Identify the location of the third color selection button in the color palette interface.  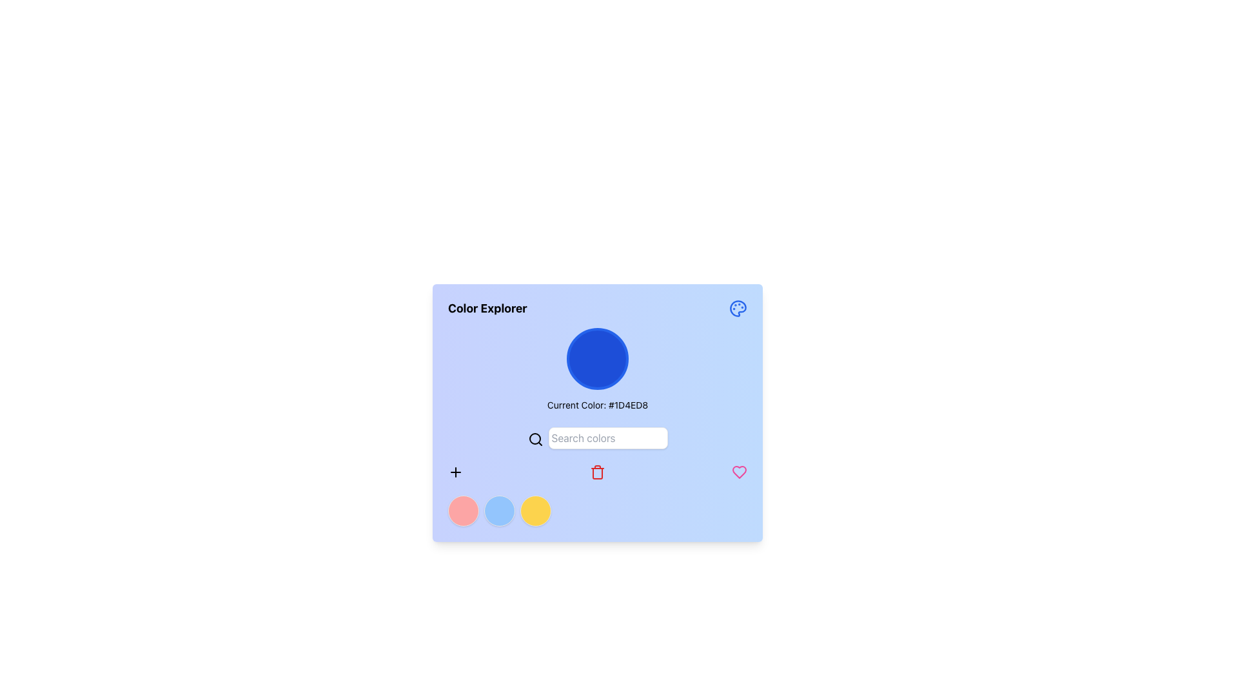
(535, 510).